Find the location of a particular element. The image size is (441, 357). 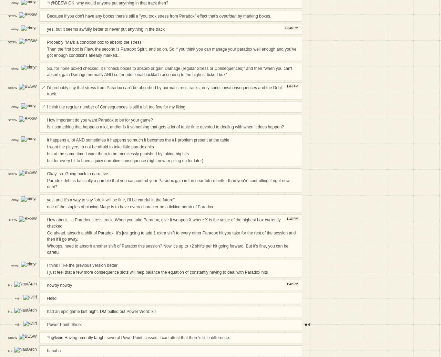

'1:42 PM' is located at coordinates (287, 284).